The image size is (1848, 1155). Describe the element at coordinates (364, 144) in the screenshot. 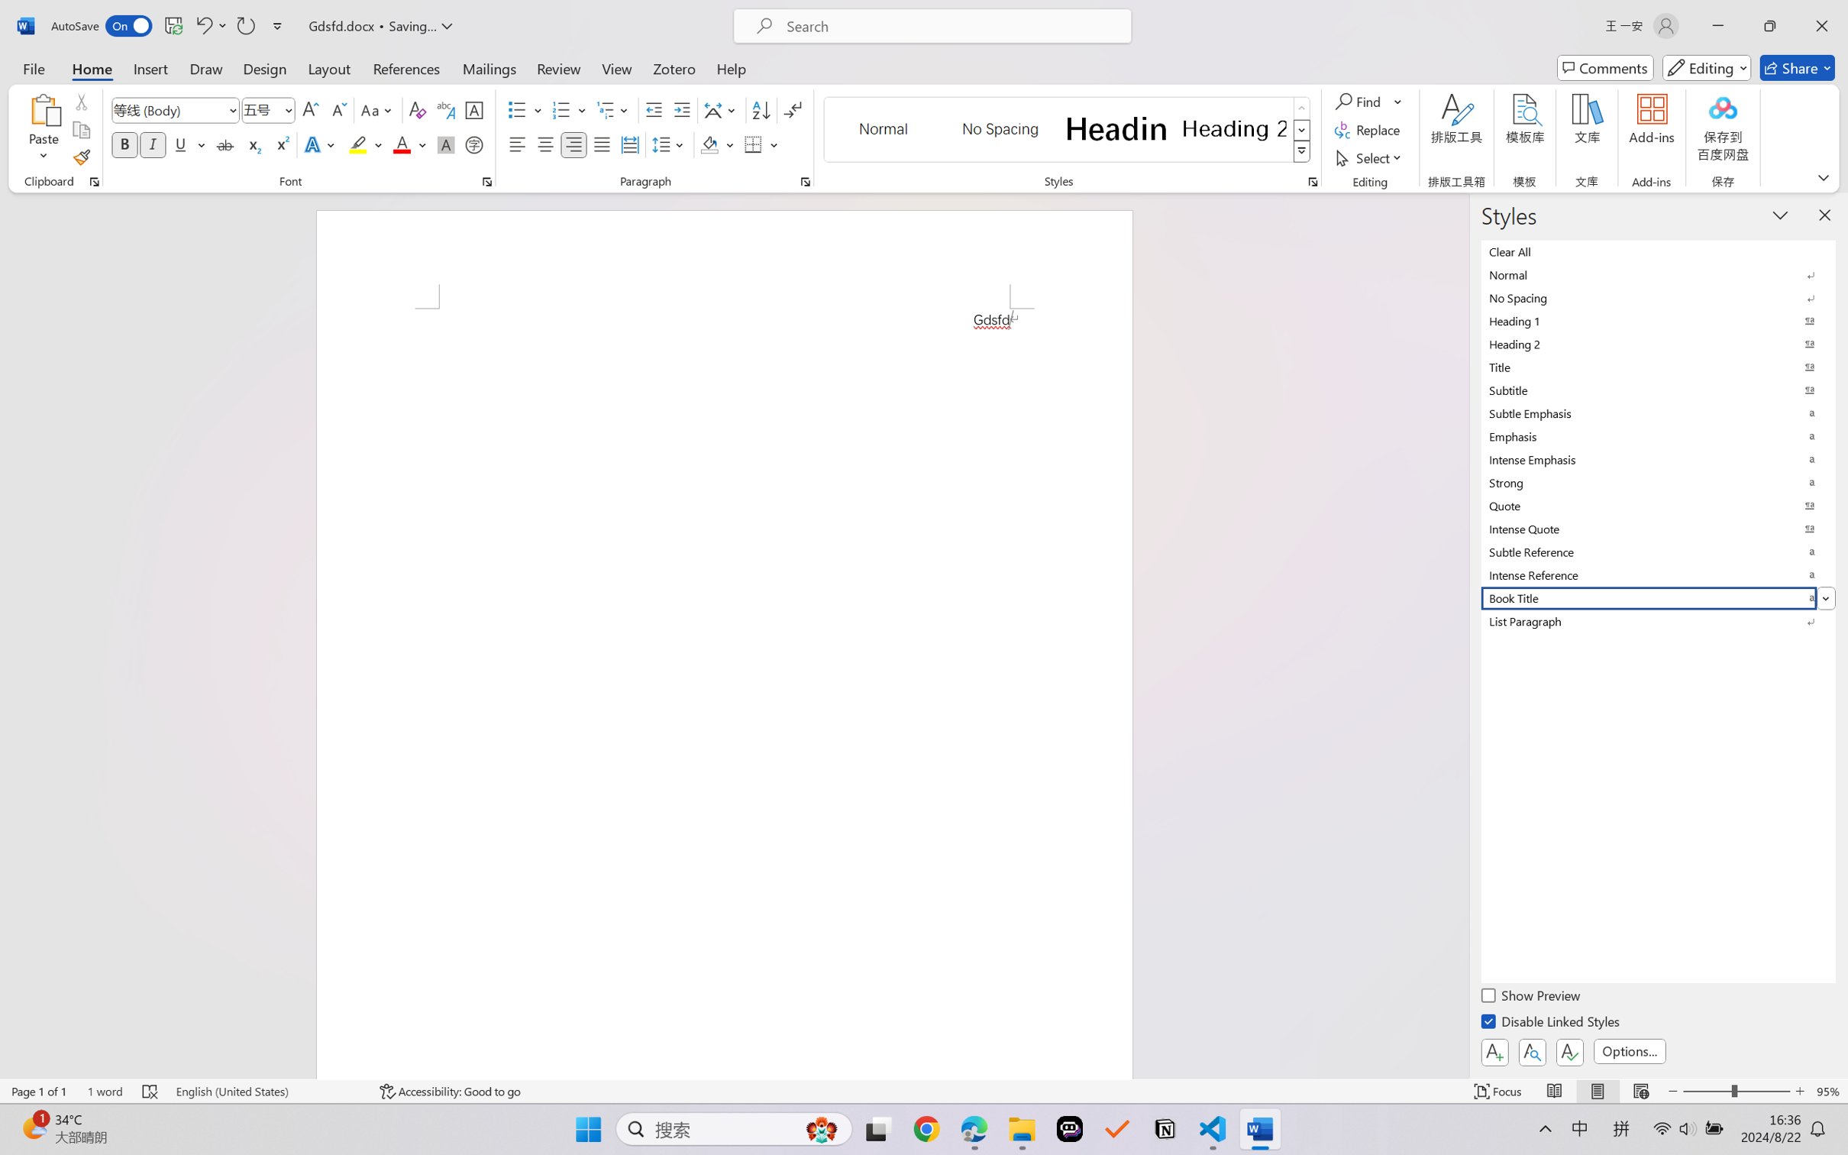

I see `'Text Highlight Color'` at that location.